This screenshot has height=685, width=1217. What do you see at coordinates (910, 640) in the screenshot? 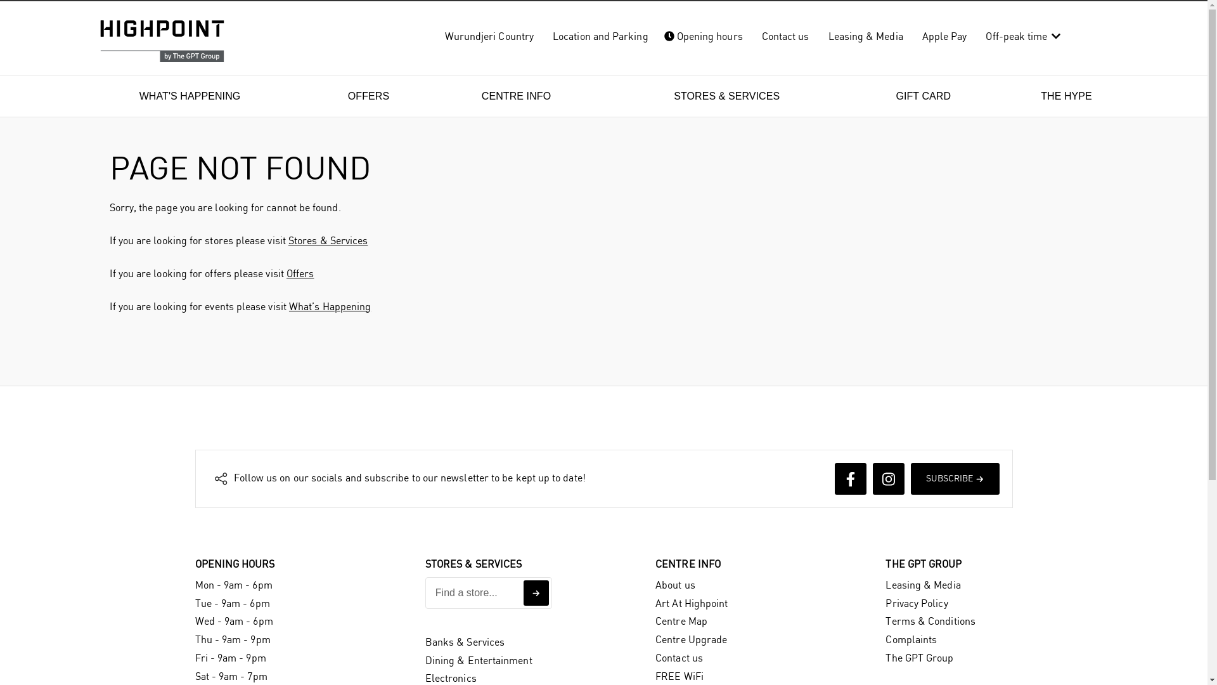
I see `'Complaints'` at bounding box center [910, 640].